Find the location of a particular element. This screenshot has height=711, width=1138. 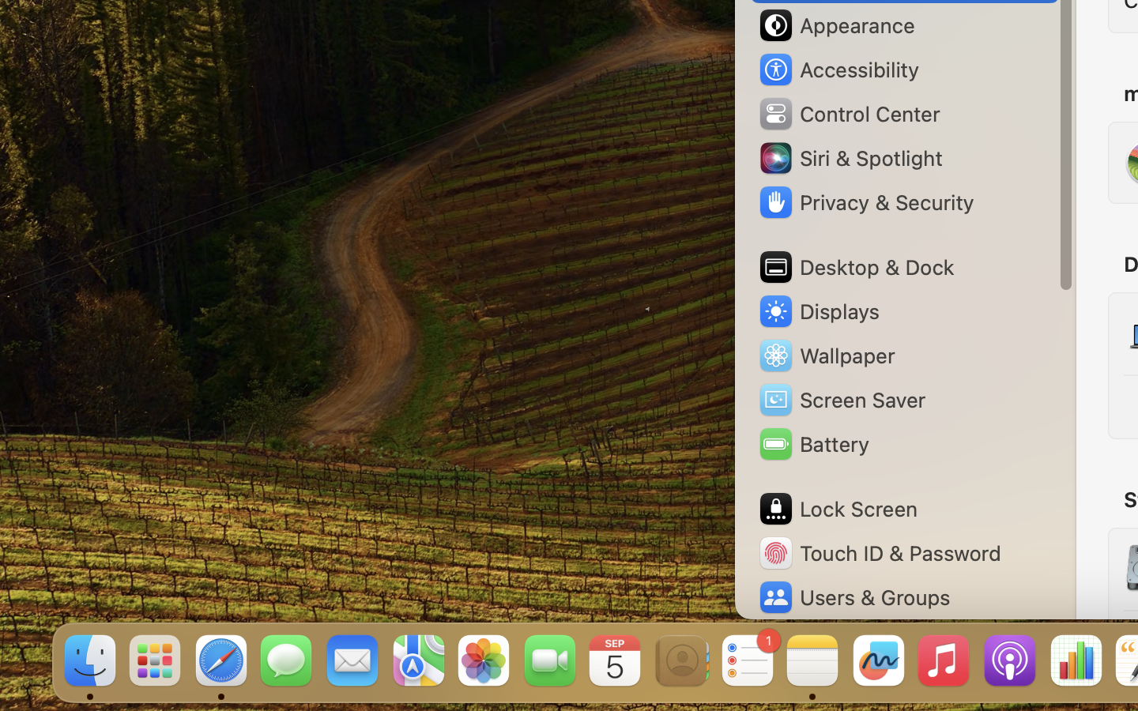

'Siri & Spotlight' is located at coordinates (849, 157).